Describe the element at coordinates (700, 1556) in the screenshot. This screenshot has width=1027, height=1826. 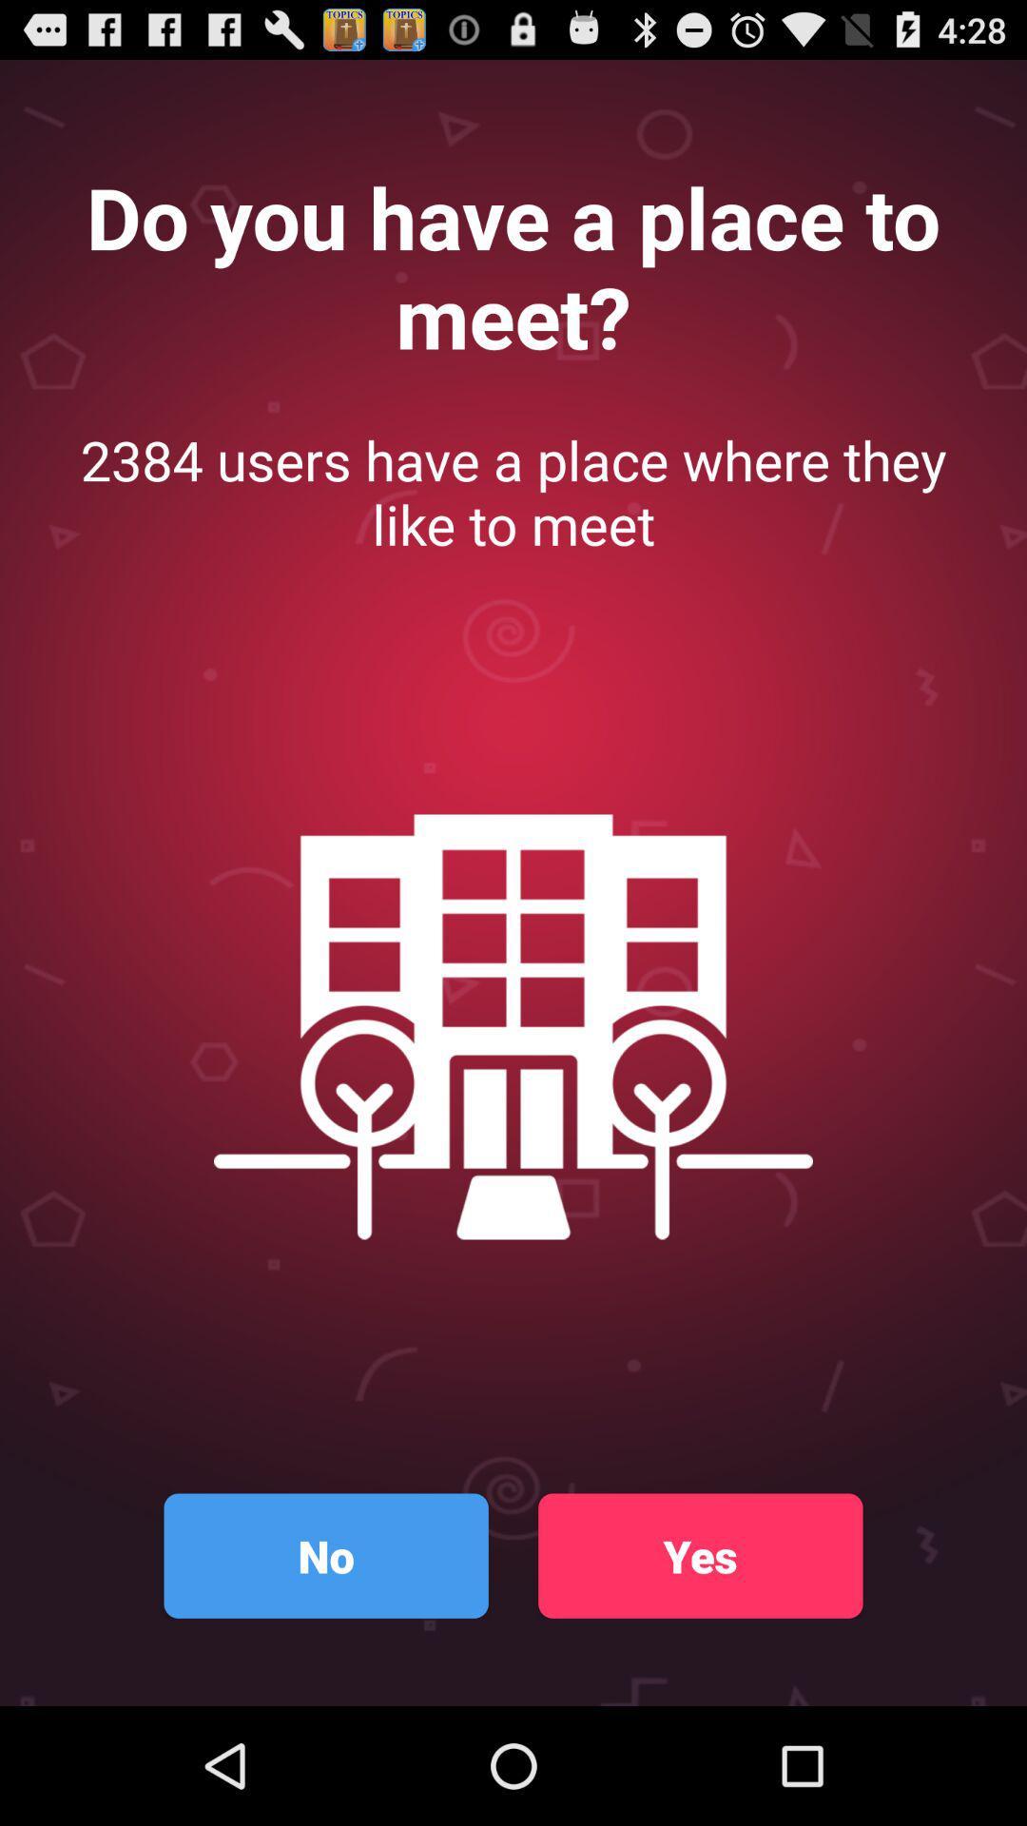
I see `yes item` at that location.